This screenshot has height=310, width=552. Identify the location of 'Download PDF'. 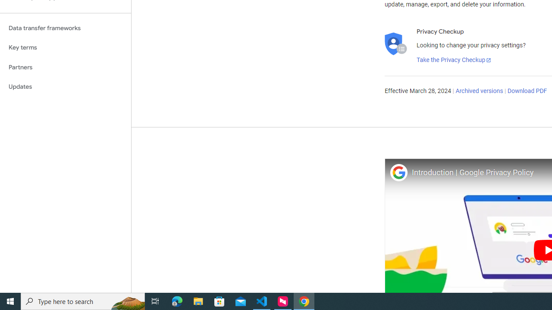
(527, 91).